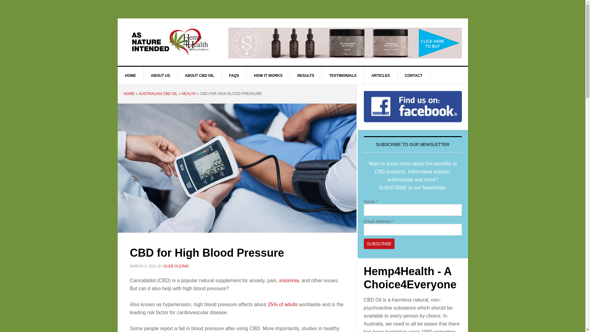 The image size is (590, 332). Describe the element at coordinates (123, 93) in the screenshot. I see `'HOME'` at that location.